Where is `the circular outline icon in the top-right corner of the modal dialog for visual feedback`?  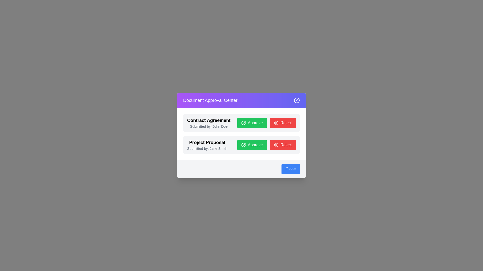 the circular outline icon in the top-right corner of the modal dialog for visual feedback is located at coordinates (297, 100).